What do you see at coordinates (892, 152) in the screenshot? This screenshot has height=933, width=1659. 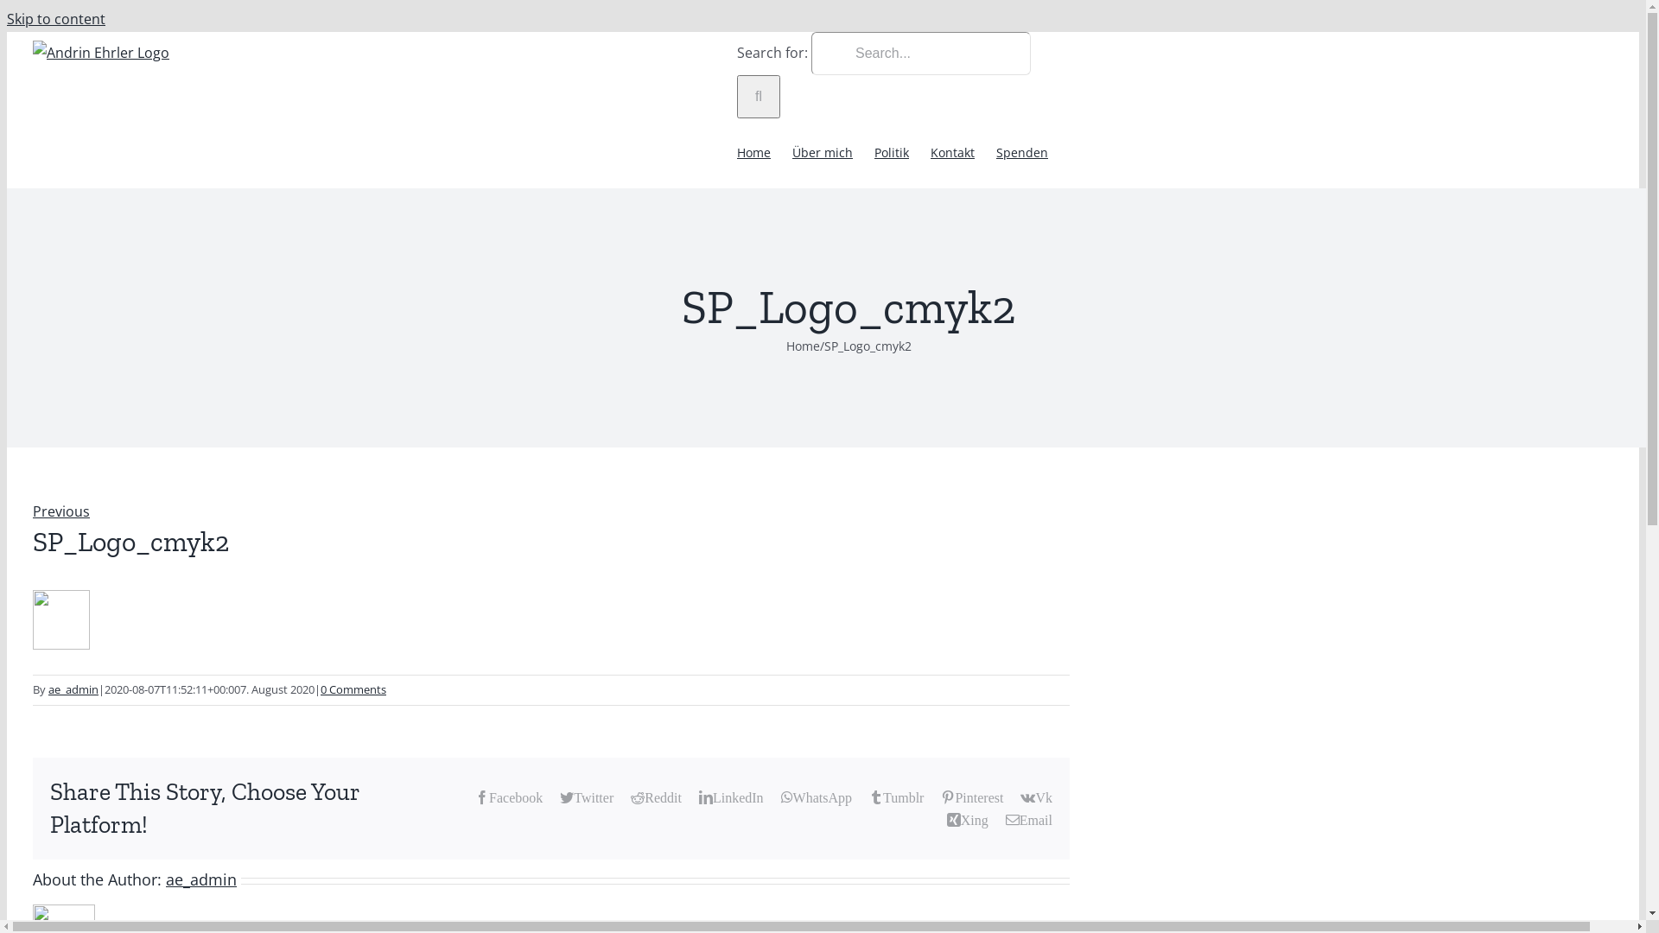 I see `'Politik'` at bounding box center [892, 152].